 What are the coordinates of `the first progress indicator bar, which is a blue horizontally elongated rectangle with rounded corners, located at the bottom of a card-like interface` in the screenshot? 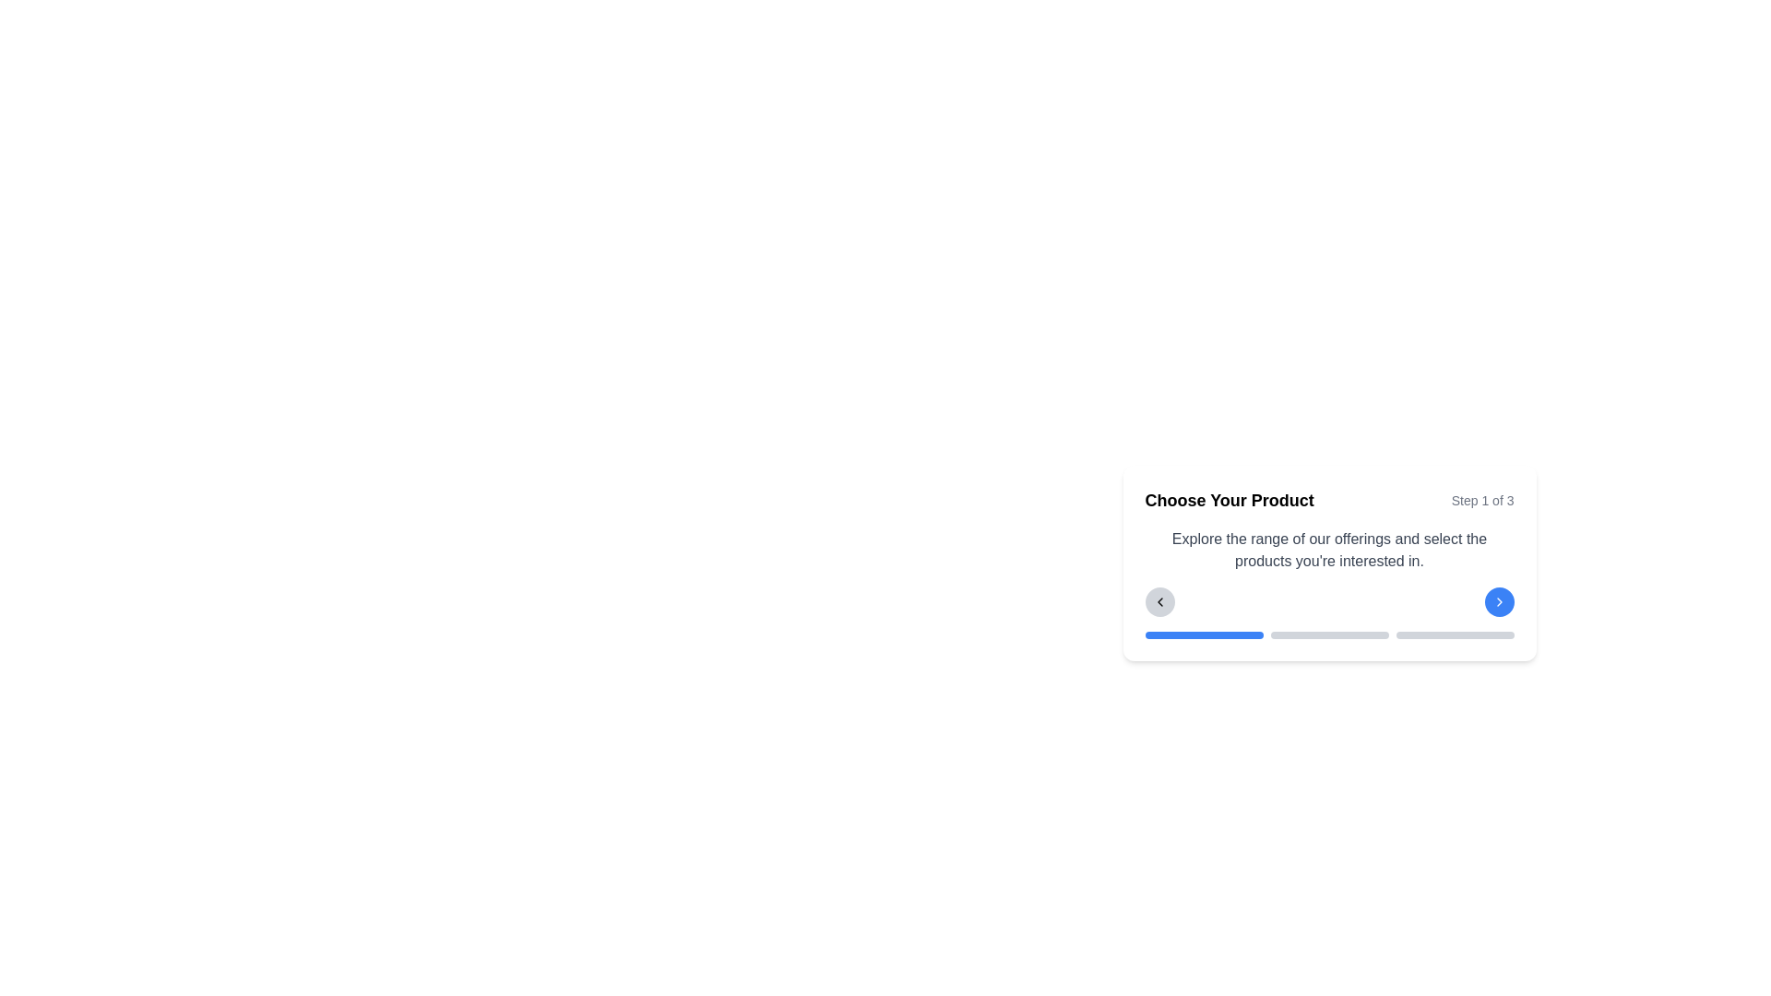 It's located at (1204, 634).